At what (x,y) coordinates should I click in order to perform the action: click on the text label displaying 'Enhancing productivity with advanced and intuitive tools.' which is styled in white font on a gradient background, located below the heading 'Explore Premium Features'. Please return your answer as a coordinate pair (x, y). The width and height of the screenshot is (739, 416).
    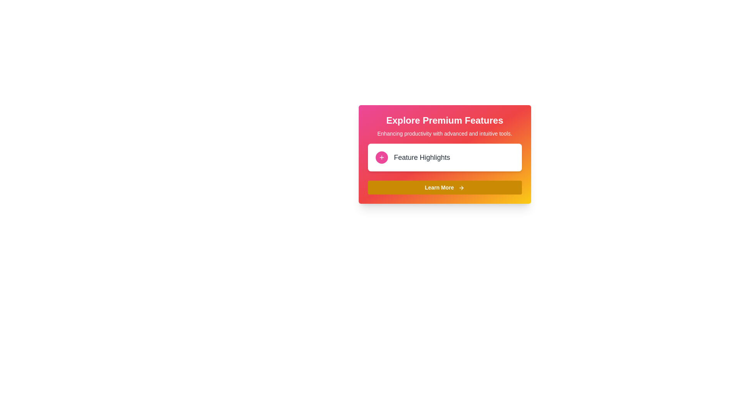
    Looking at the image, I should click on (445, 133).